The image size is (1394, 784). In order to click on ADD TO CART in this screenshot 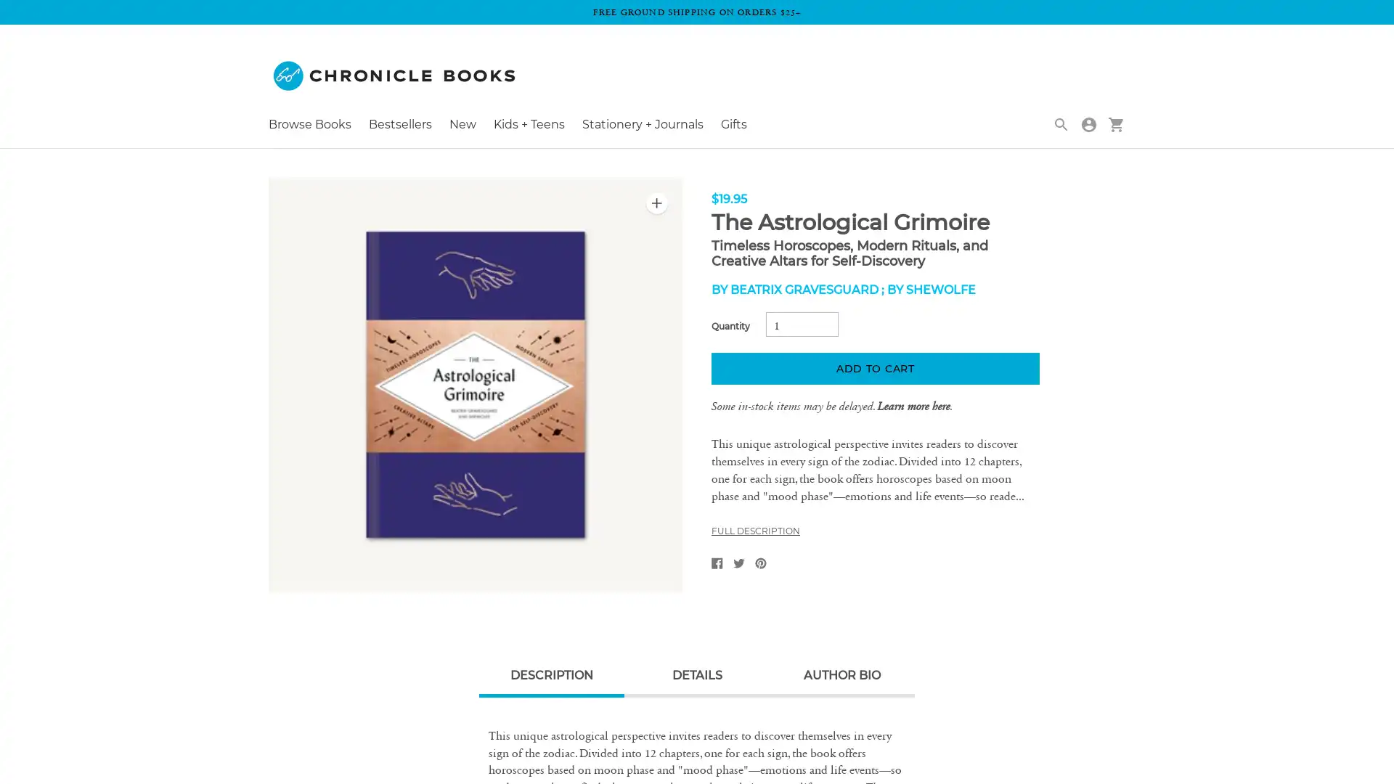, I will do `click(874, 368)`.